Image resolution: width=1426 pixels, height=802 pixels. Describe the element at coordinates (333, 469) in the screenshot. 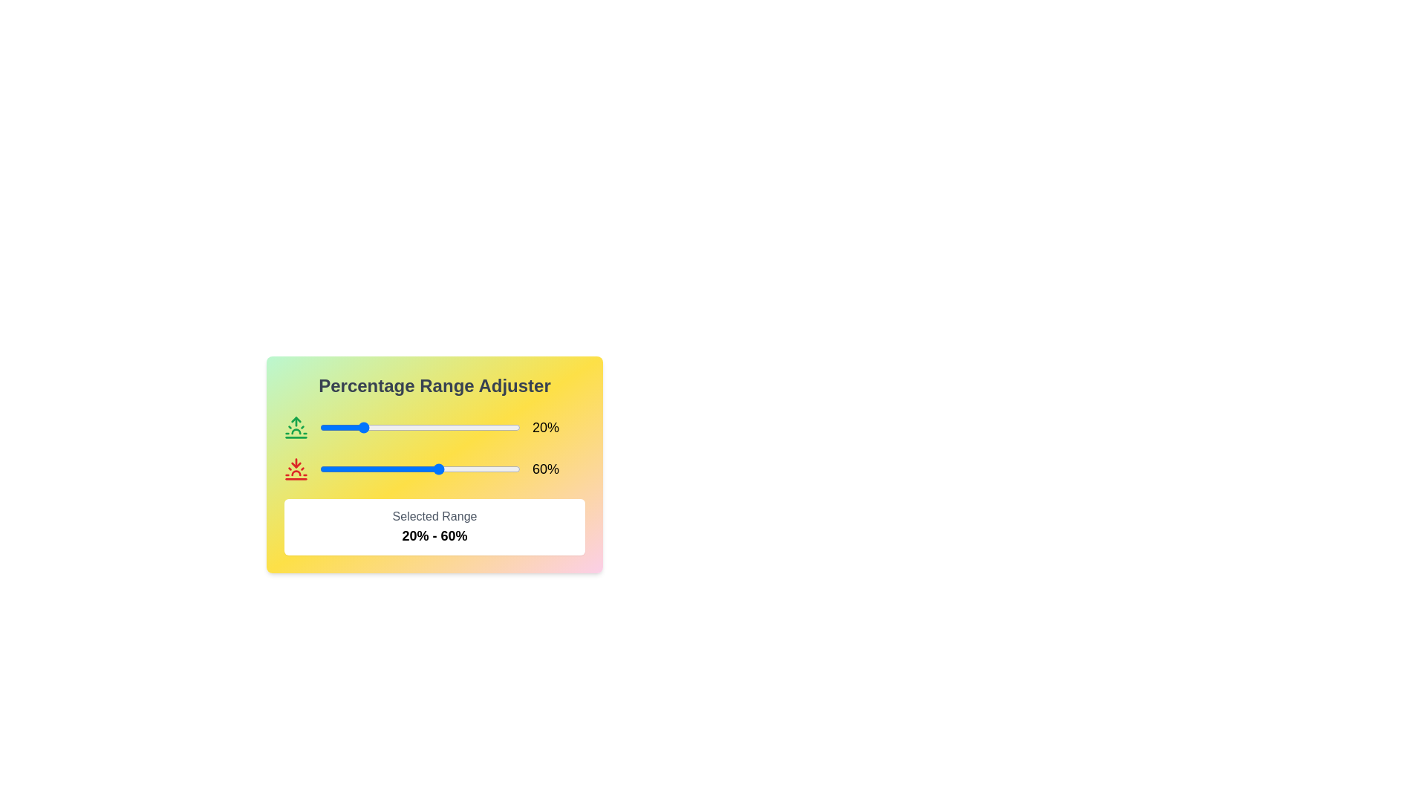

I see `the slider position` at that location.